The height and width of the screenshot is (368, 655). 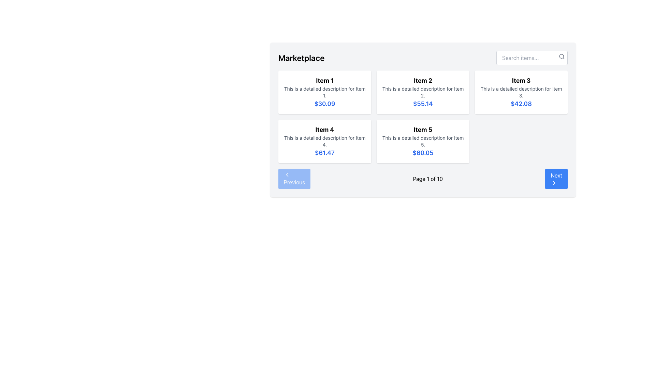 I want to click on the 'Marketplace' text label, so click(x=301, y=57).